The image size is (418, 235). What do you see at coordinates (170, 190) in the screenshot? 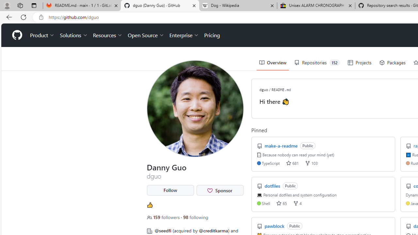
I see `'Follow'` at bounding box center [170, 190].